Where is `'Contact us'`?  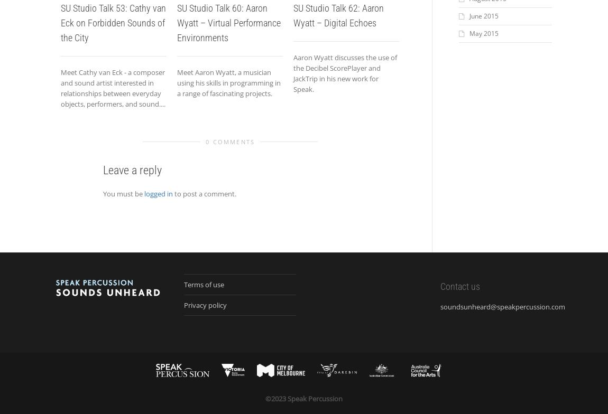
'Contact us' is located at coordinates (459, 286).